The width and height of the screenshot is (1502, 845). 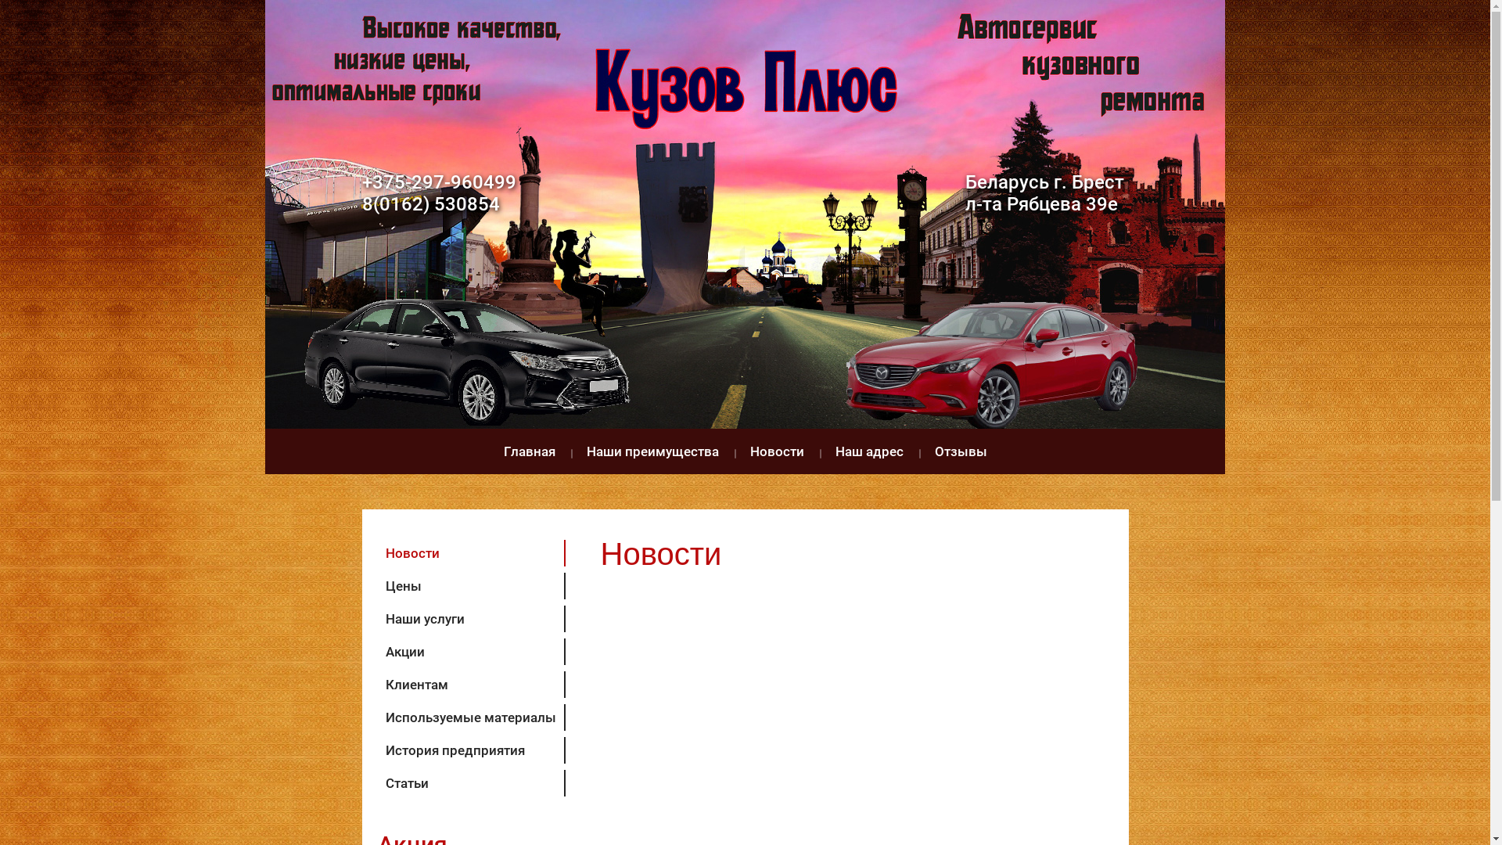 What do you see at coordinates (430, 203) in the screenshot?
I see `'8(0162) 530854'` at bounding box center [430, 203].